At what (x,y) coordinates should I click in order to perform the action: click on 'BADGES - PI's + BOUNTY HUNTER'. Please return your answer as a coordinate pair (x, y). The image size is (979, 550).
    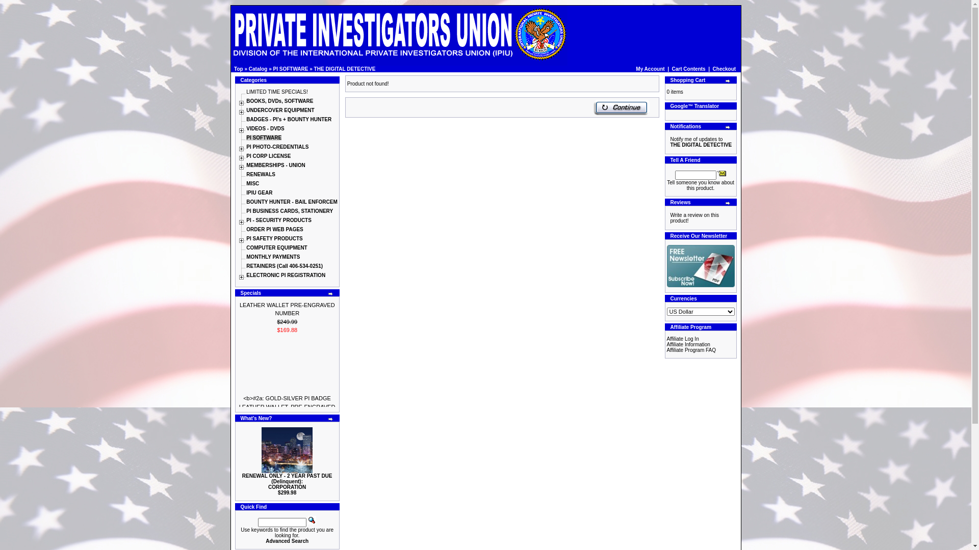
    Looking at the image, I should click on (288, 119).